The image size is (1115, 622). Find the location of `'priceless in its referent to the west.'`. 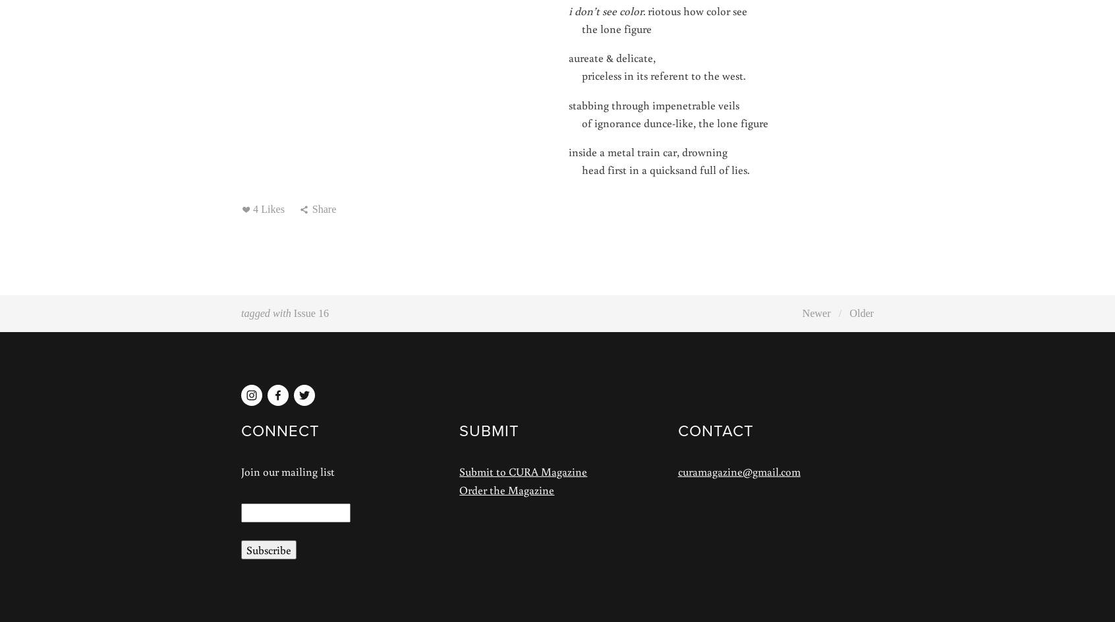

'priceless in its referent to the west.' is located at coordinates (656, 74).